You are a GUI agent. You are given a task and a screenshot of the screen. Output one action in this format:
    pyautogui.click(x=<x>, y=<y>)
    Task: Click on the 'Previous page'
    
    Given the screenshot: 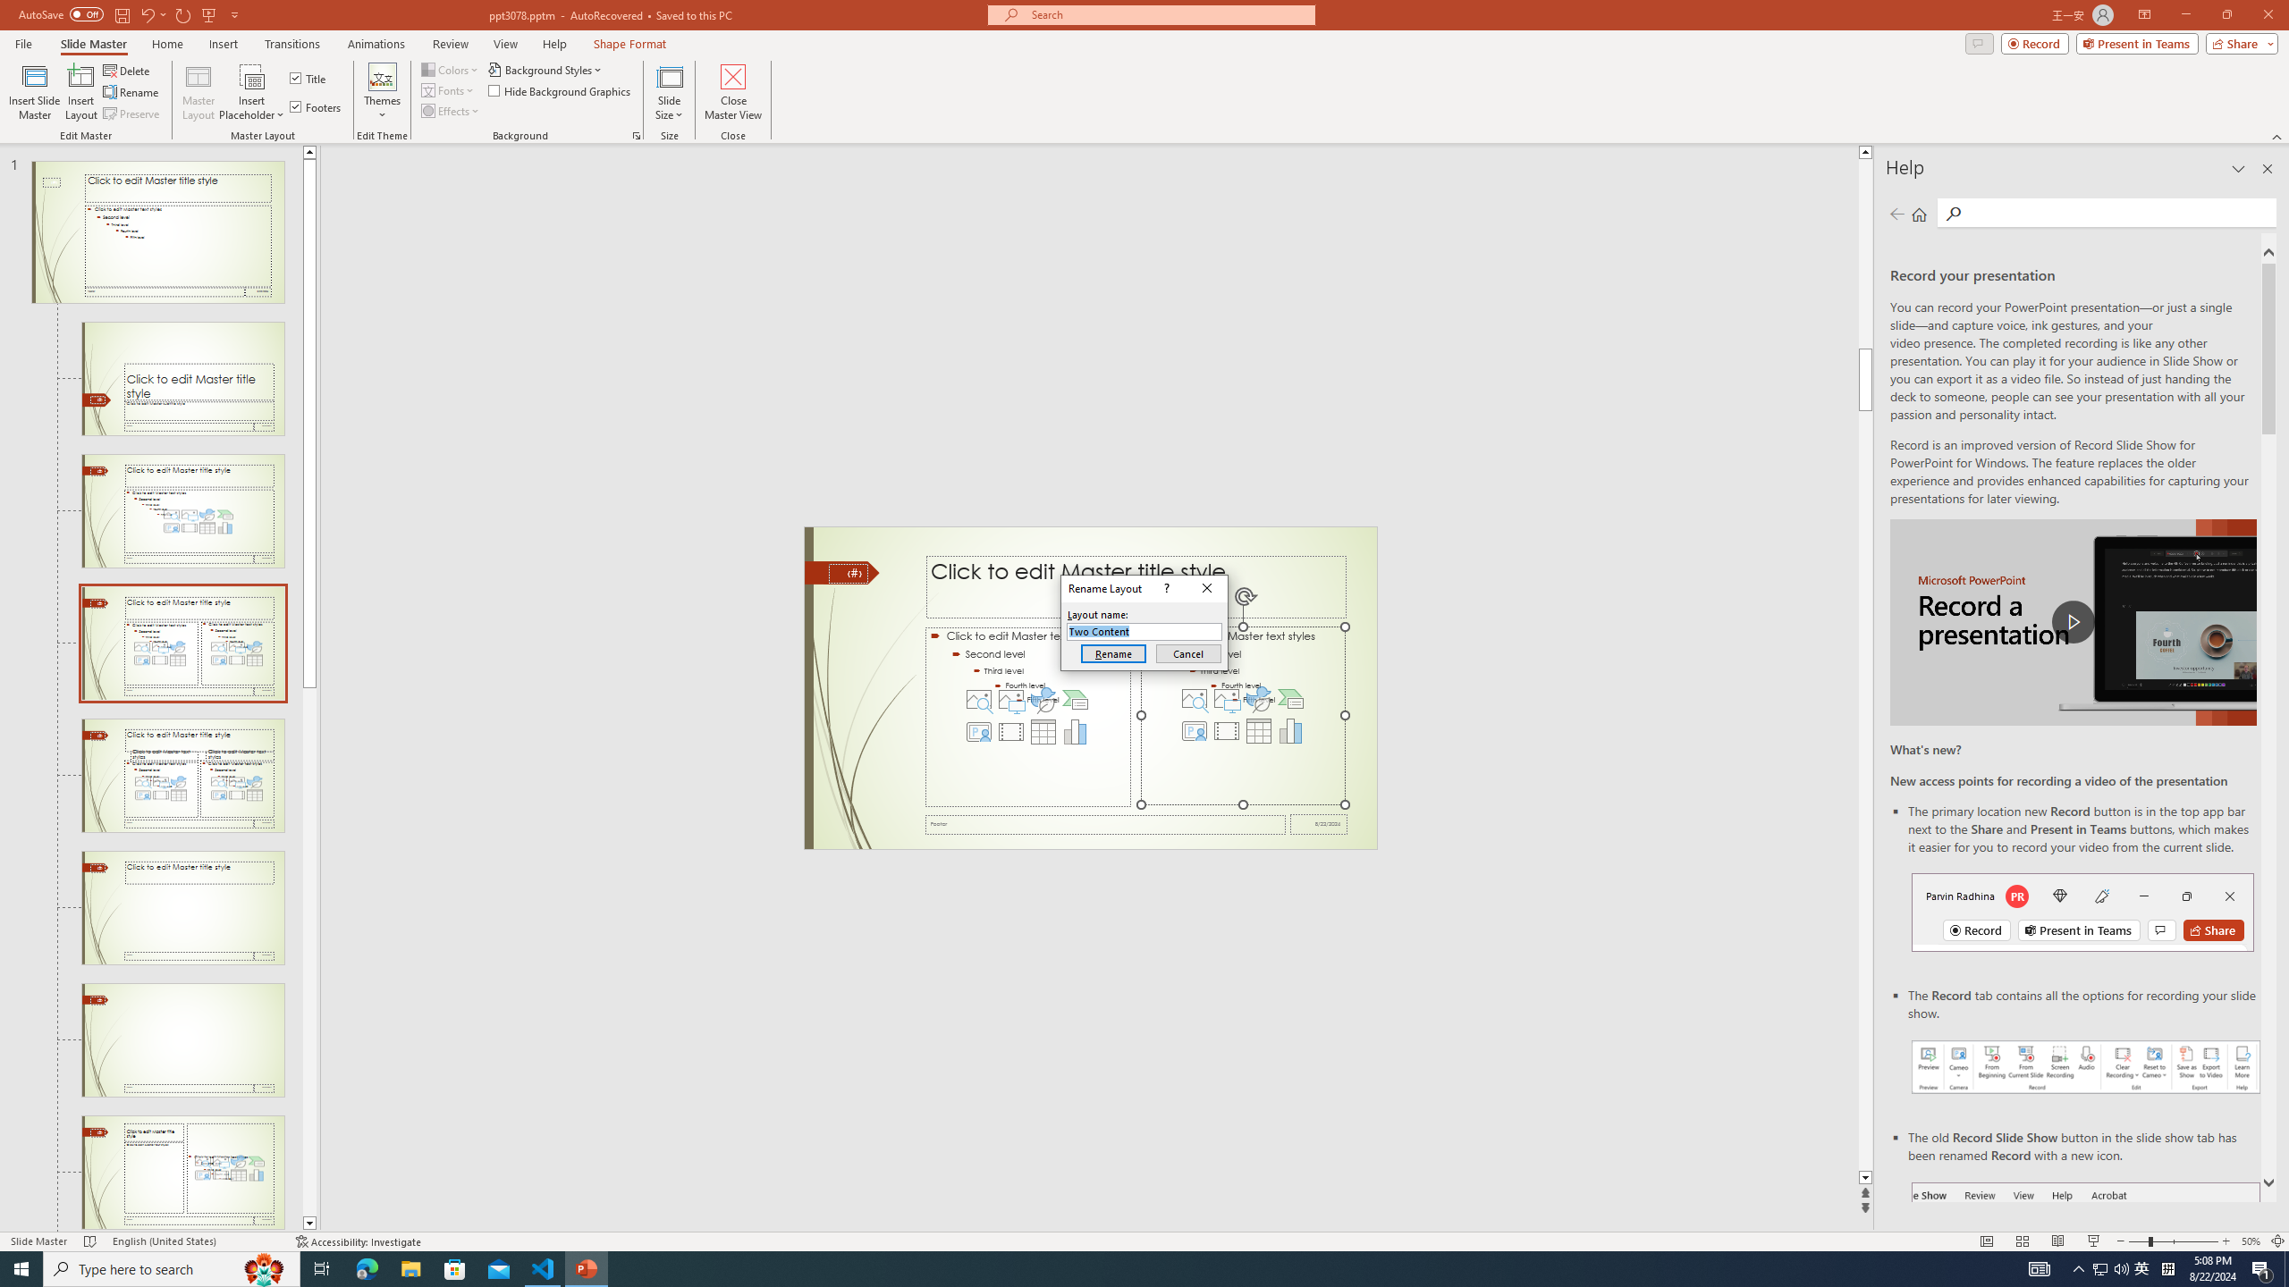 What is the action you would take?
    pyautogui.click(x=1896, y=213)
    